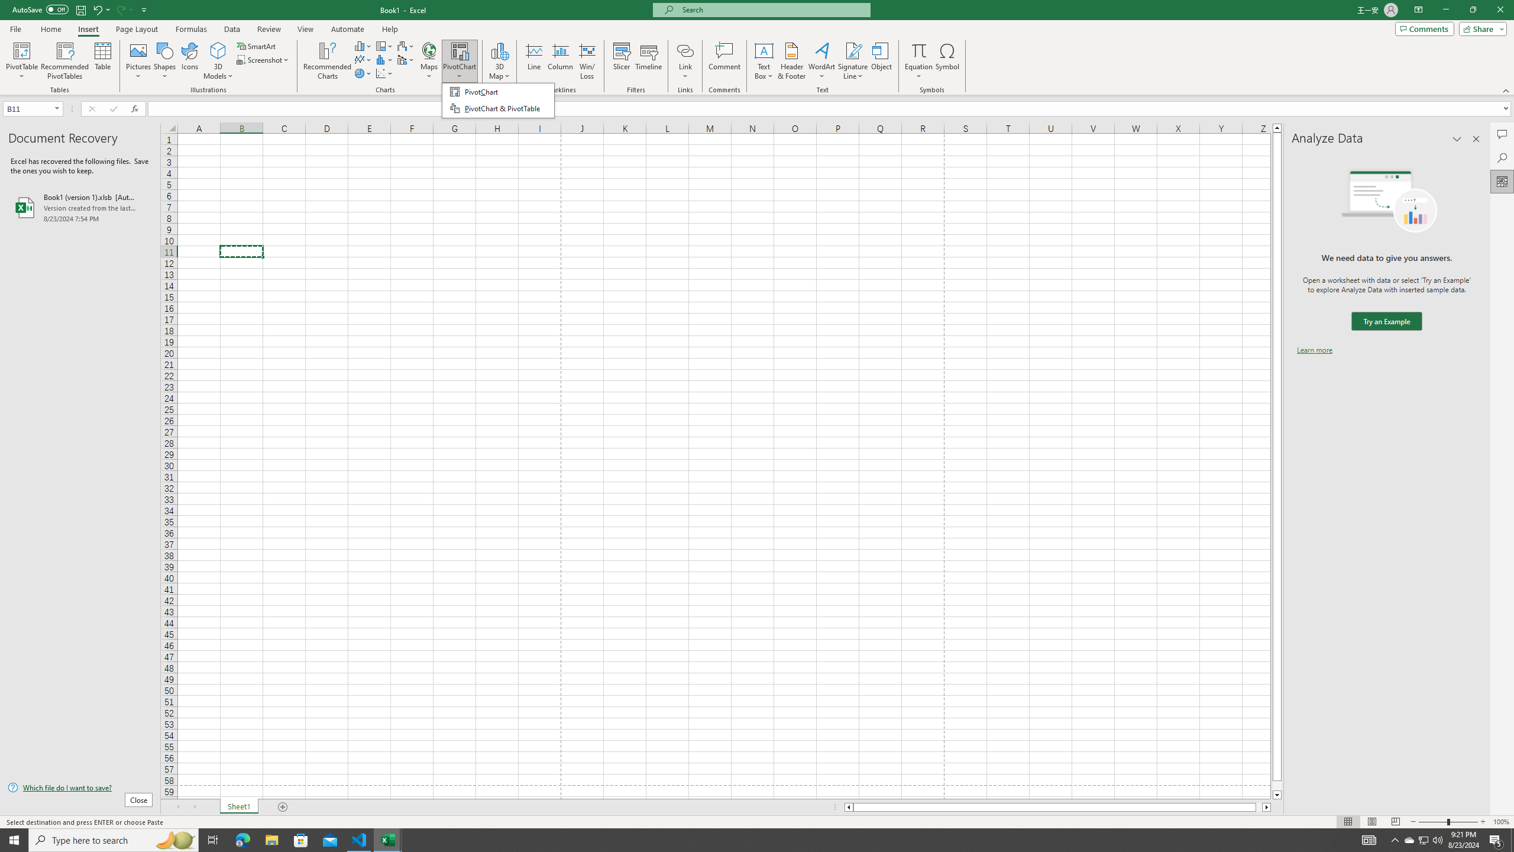 The width and height of the screenshot is (1514, 852). I want to click on 'Start', so click(14, 839).